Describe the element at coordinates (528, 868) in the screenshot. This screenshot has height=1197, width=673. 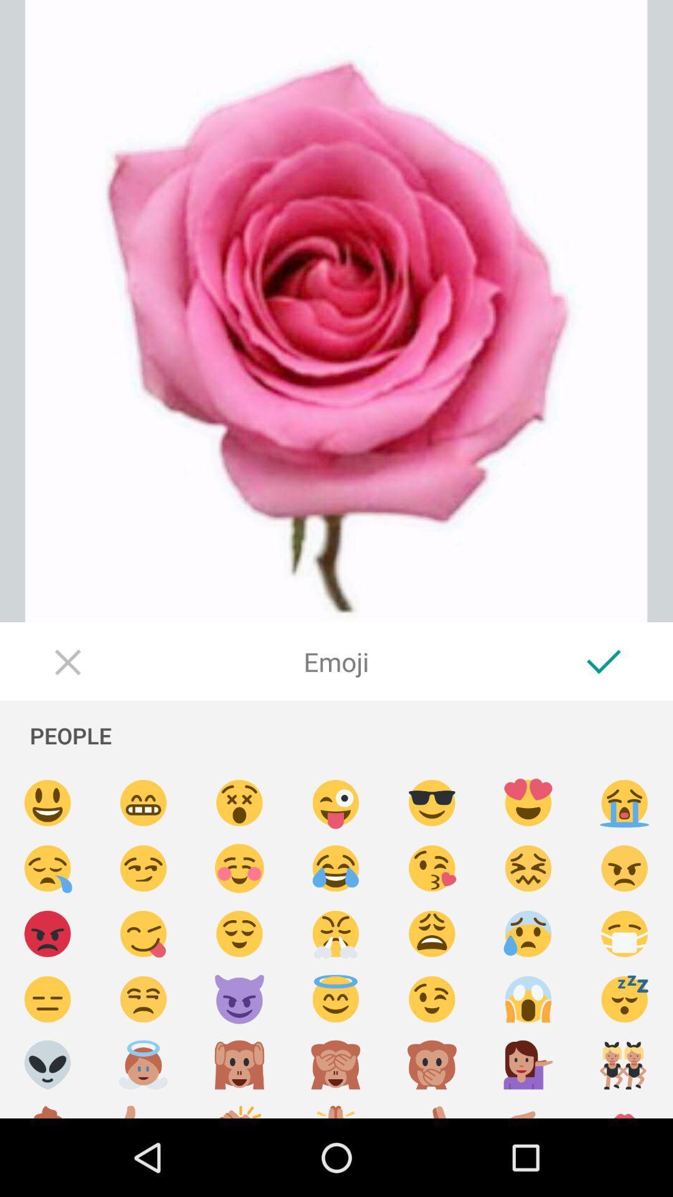
I see `emoji select option` at that location.